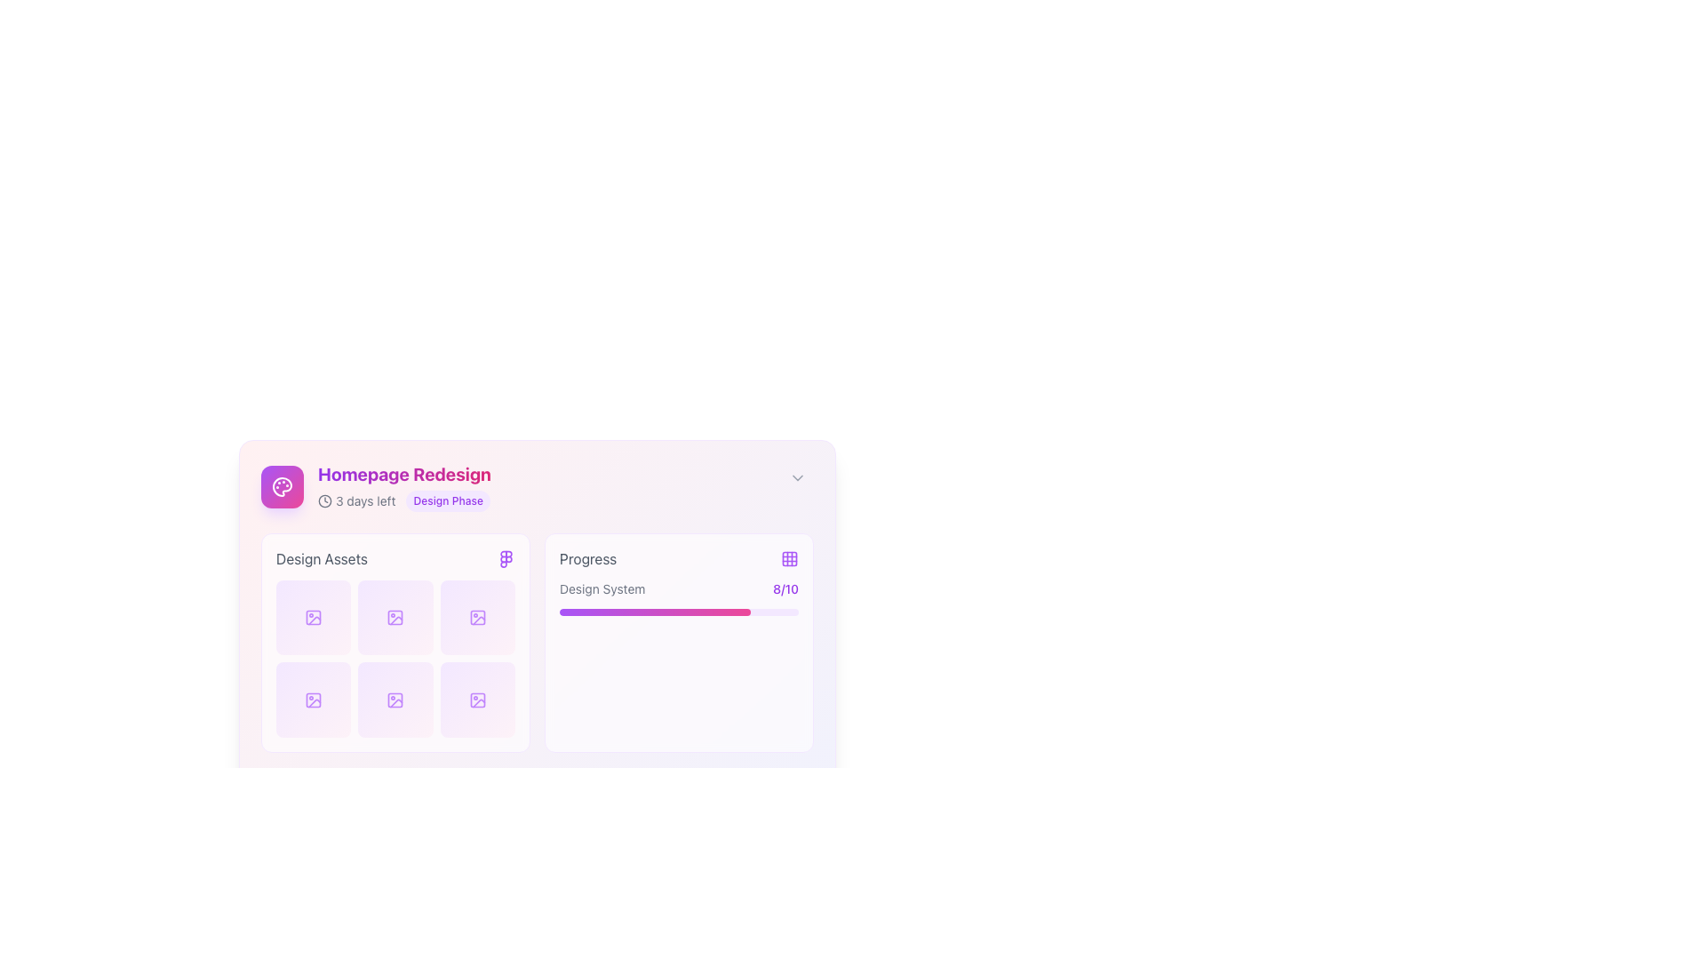 Image resolution: width=1706 pixels, height=960 pixels. Describe the element at coordinates (796, 476) in the screenshot. I see `the downward-facing chevron icon located at the top-right corner of the card titled 'Homepage Redesign'` at that location.